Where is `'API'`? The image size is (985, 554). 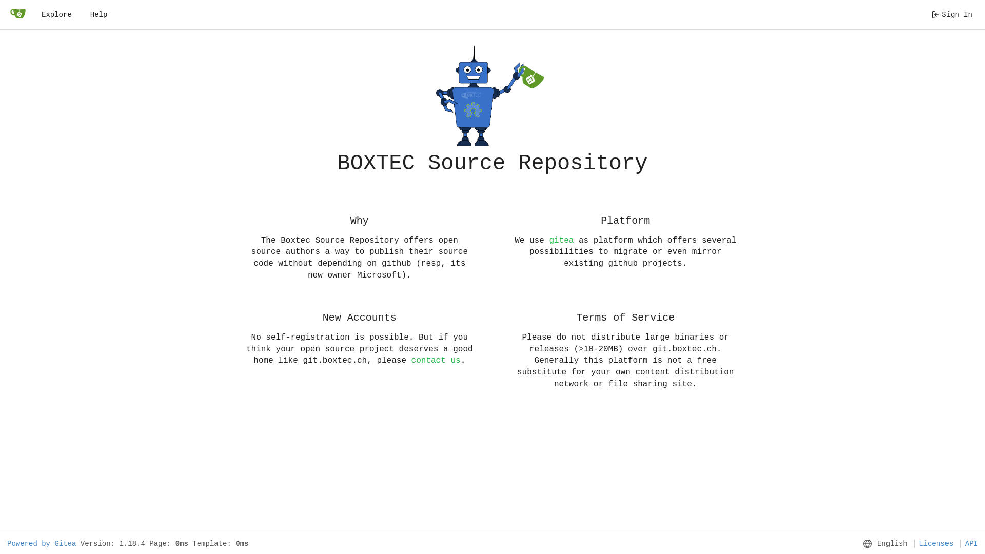
'API' is located at coordinates (960, 543).